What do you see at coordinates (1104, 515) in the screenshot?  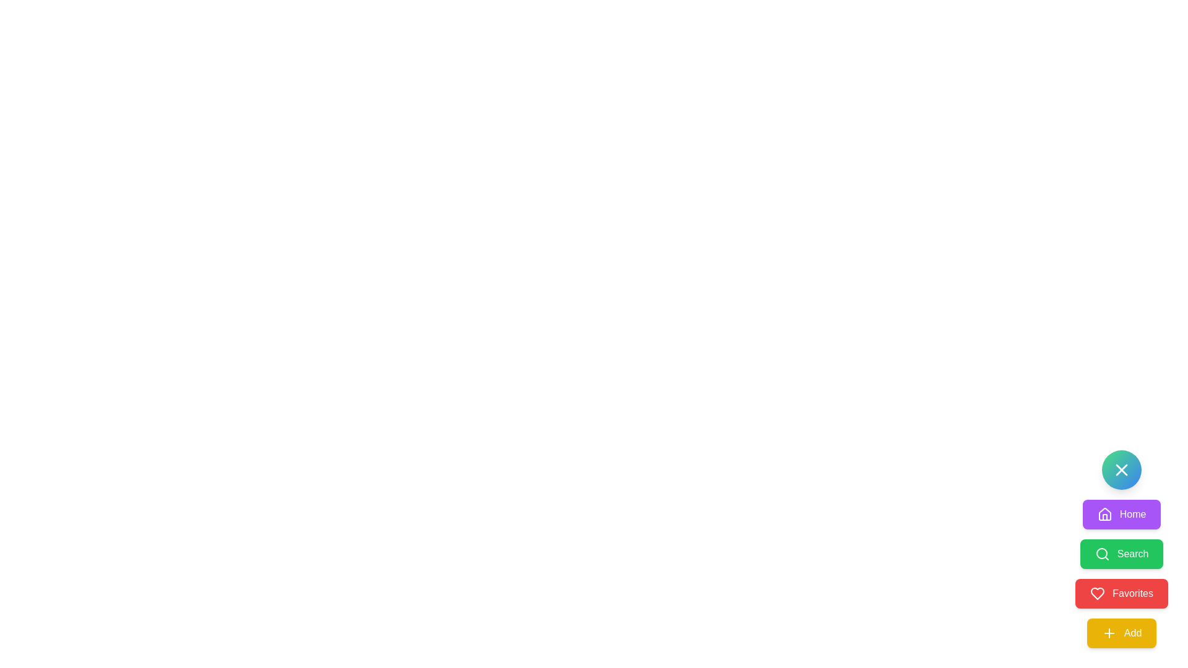 I see `the small house icon, which is styled as an outline shape without fill and is centered inside the purple 'Home' button located at the top of the vertical stack of navigation buttons` at bounding box center [1104, 515].